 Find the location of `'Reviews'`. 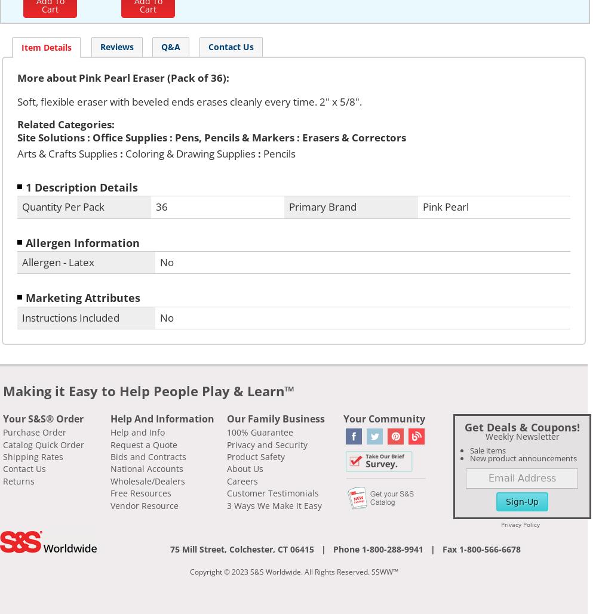

'Reviews' is located at coordinates (100, 45).